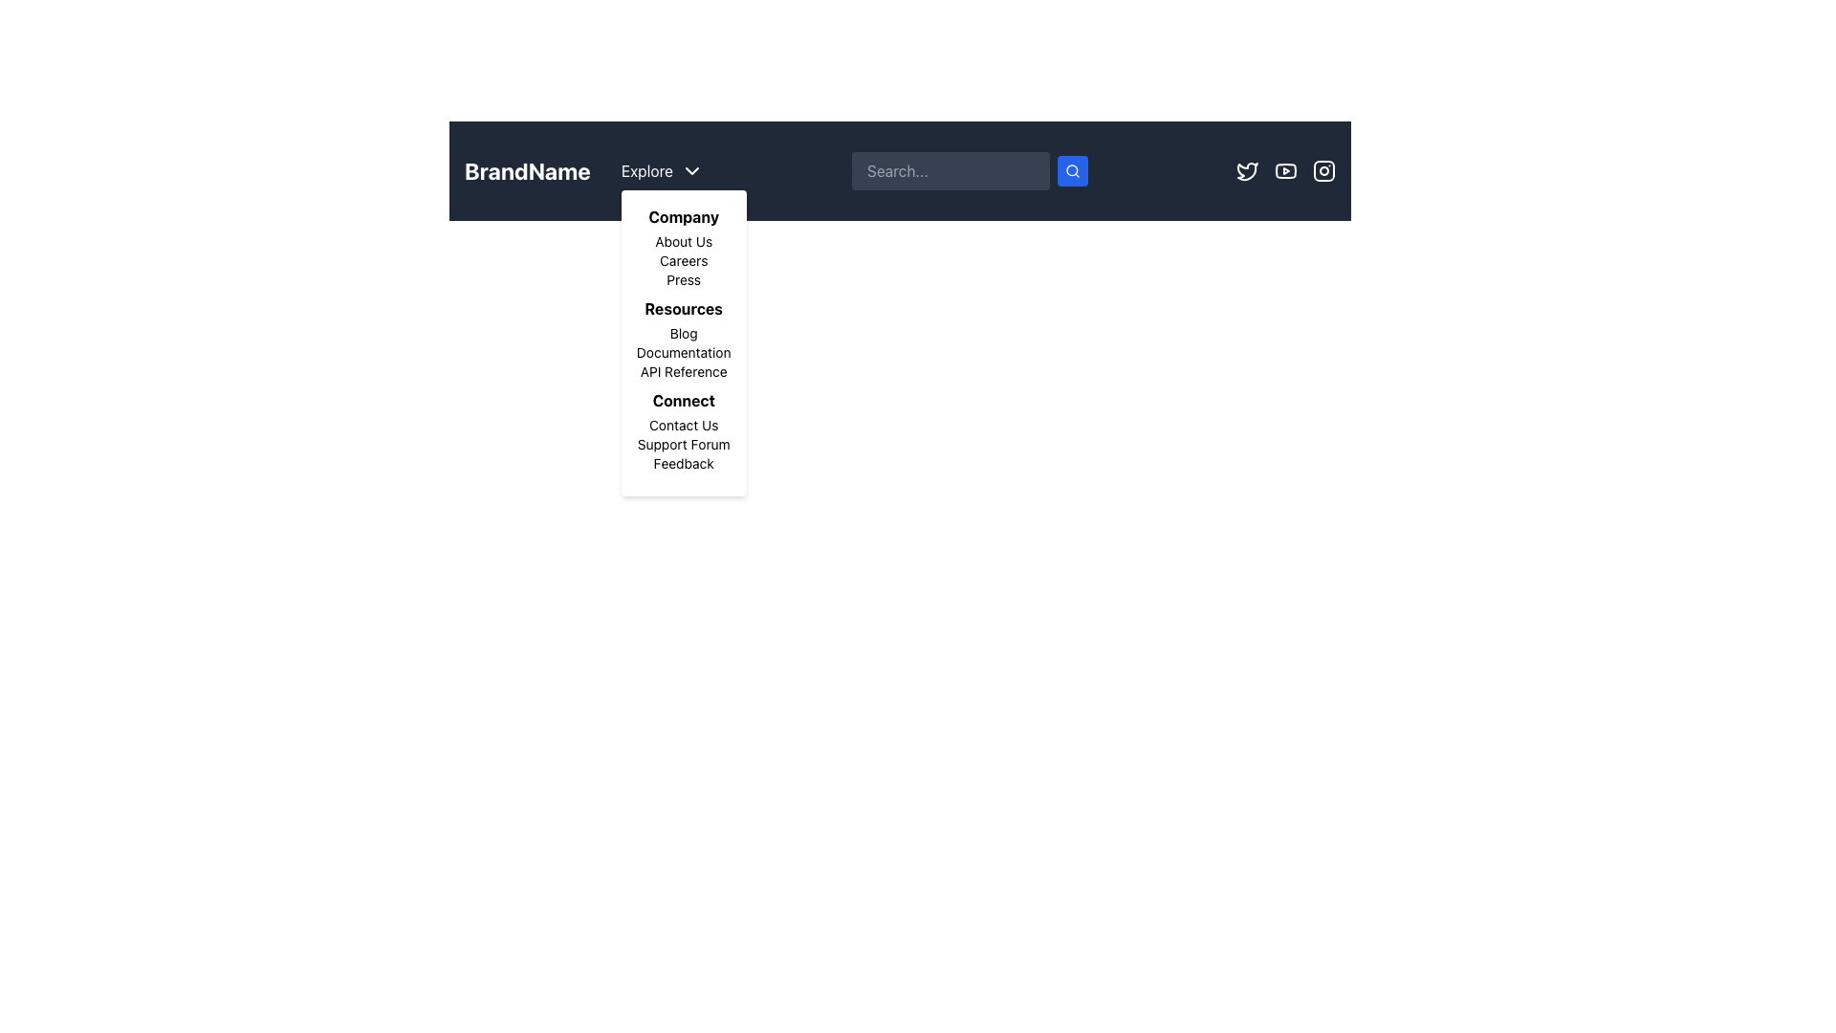 The width and height of the screenshot is (1836, 1033). What do you see at coordinates (684, 372) in the screenshot?
I see `the 'API Reference' text link located in the dropdown menu under the 'Resources' section` at bounding box center [684, 372].